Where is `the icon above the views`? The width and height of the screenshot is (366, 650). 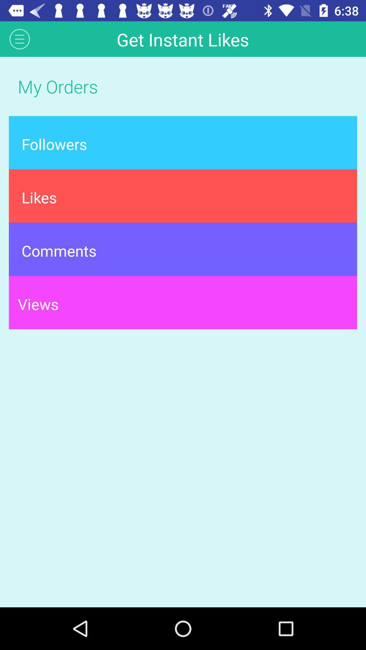 the icon above the views is located at coordinates (183, 249).